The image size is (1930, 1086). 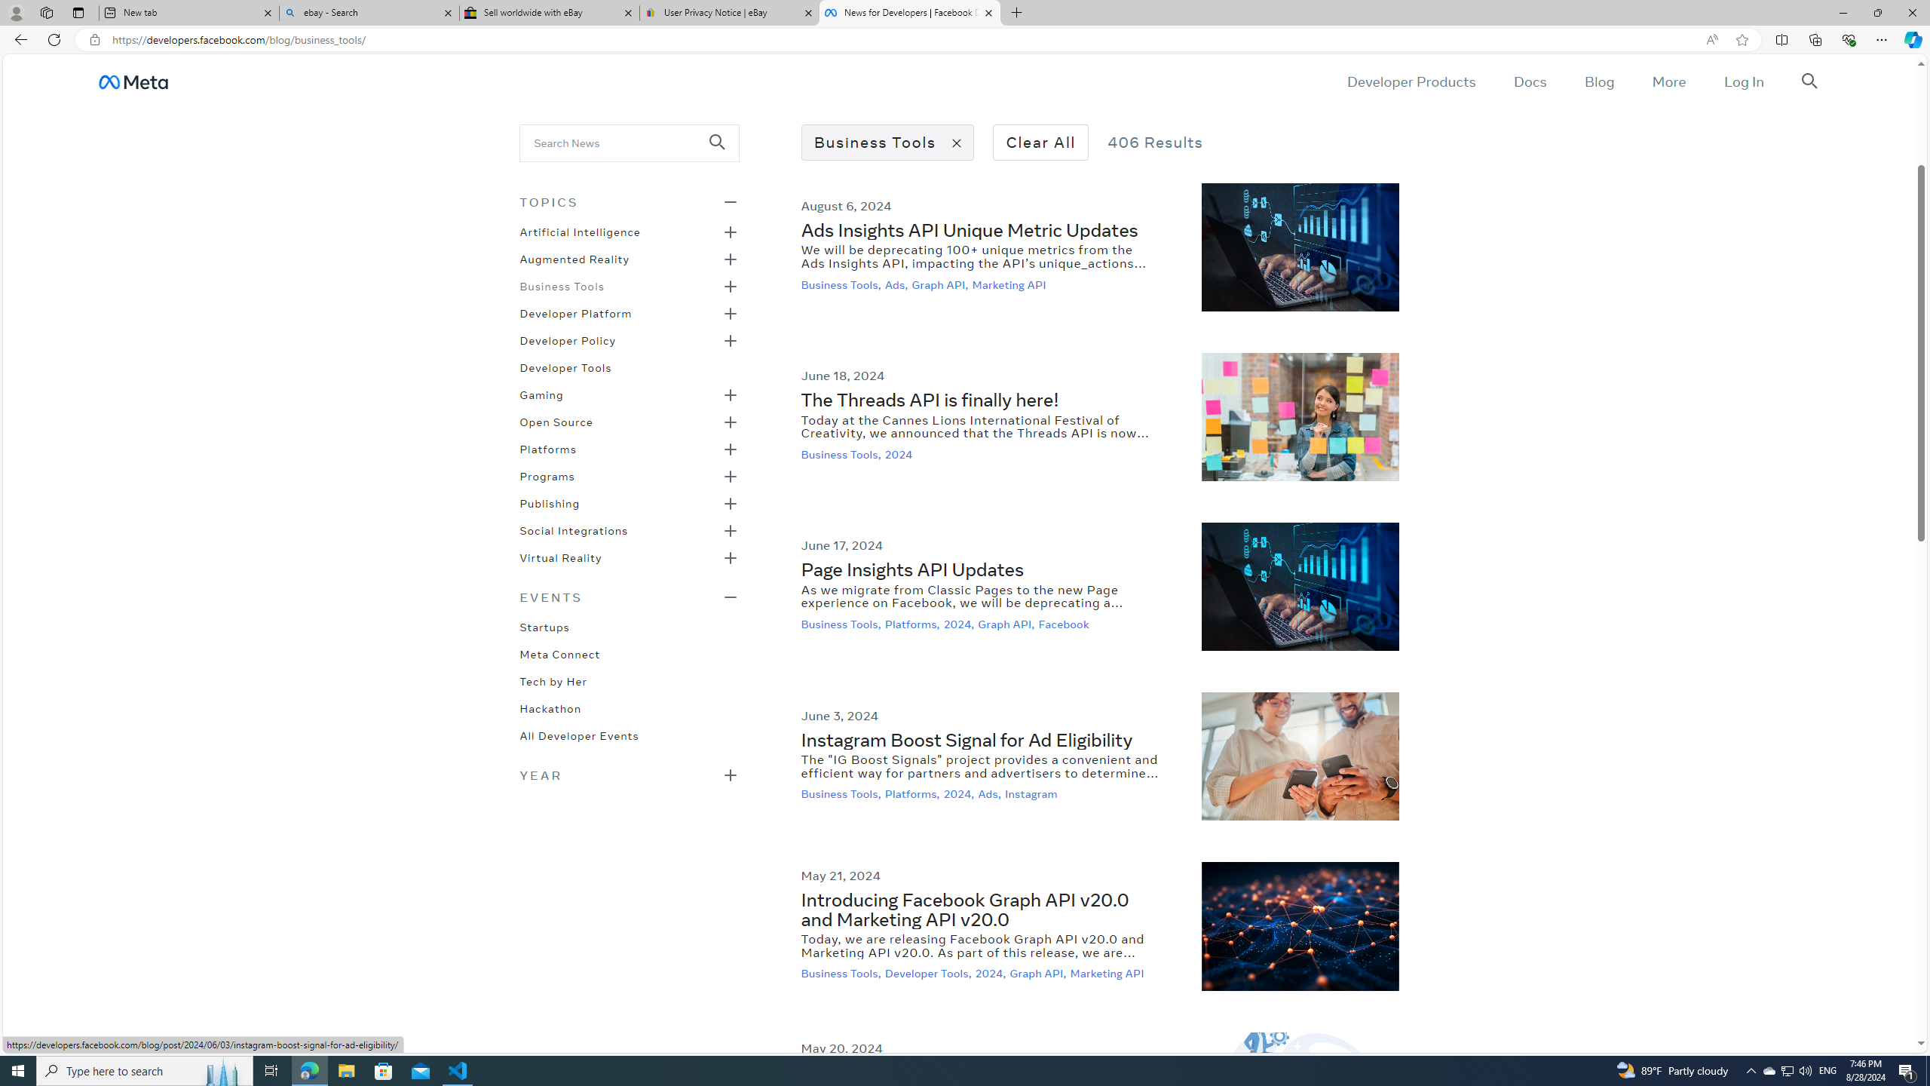 I want to click on 'Publishing', so click(x=550, y=502).